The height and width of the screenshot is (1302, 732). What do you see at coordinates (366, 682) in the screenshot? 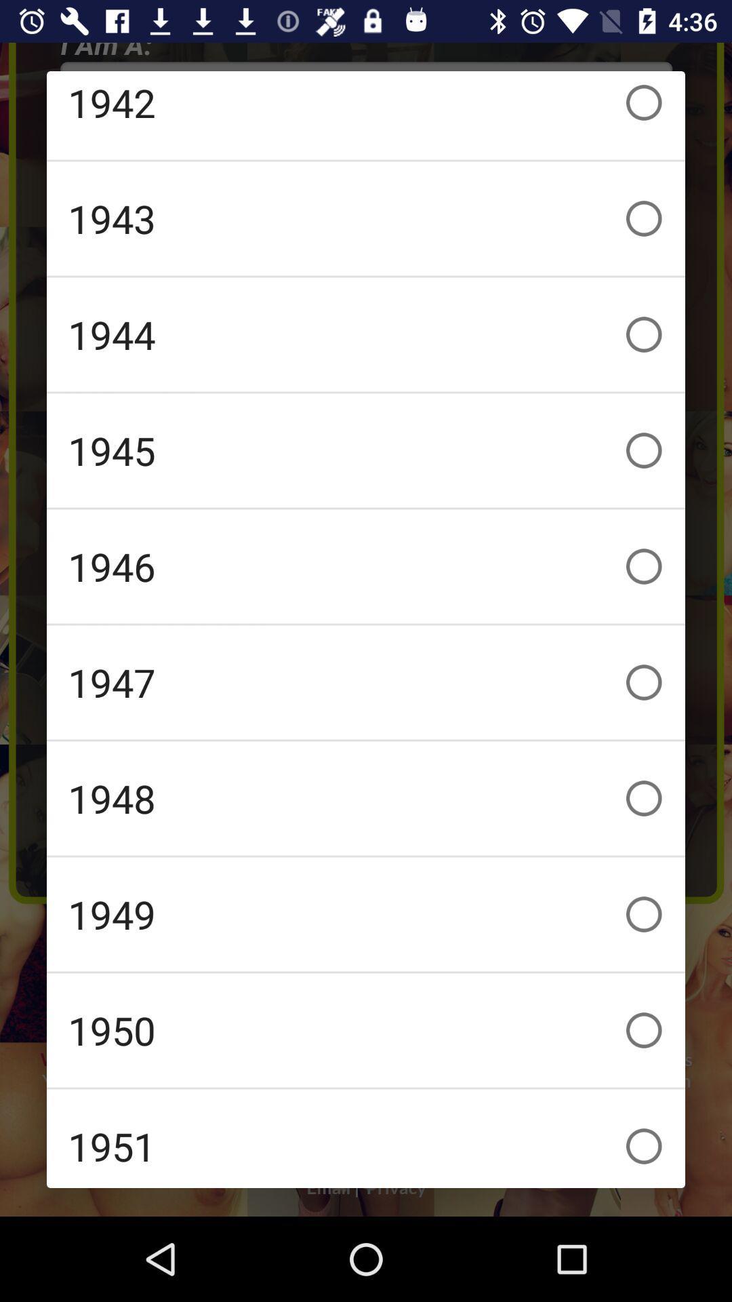
I see `item above the 1948 item` at bounding box center [366, 682].